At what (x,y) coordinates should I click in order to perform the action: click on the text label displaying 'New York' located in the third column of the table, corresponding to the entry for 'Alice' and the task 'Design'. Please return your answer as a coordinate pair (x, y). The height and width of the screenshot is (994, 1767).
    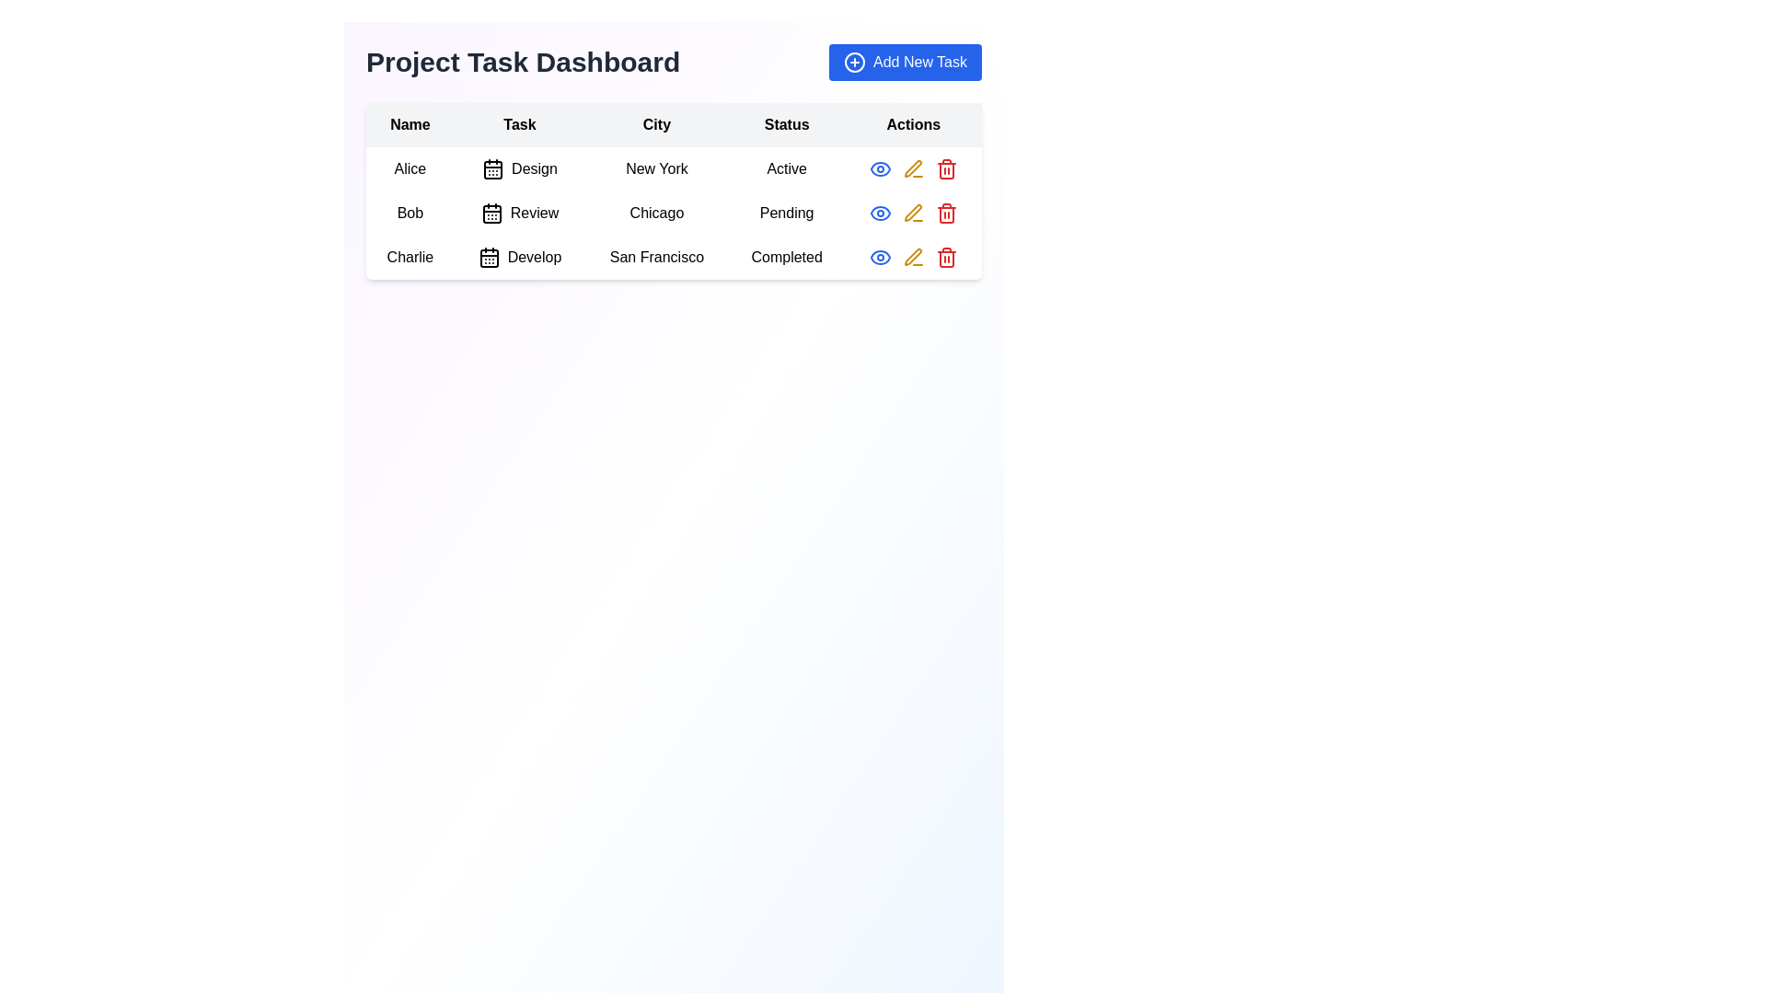
    Looking at the image, I should click on (656, 169).